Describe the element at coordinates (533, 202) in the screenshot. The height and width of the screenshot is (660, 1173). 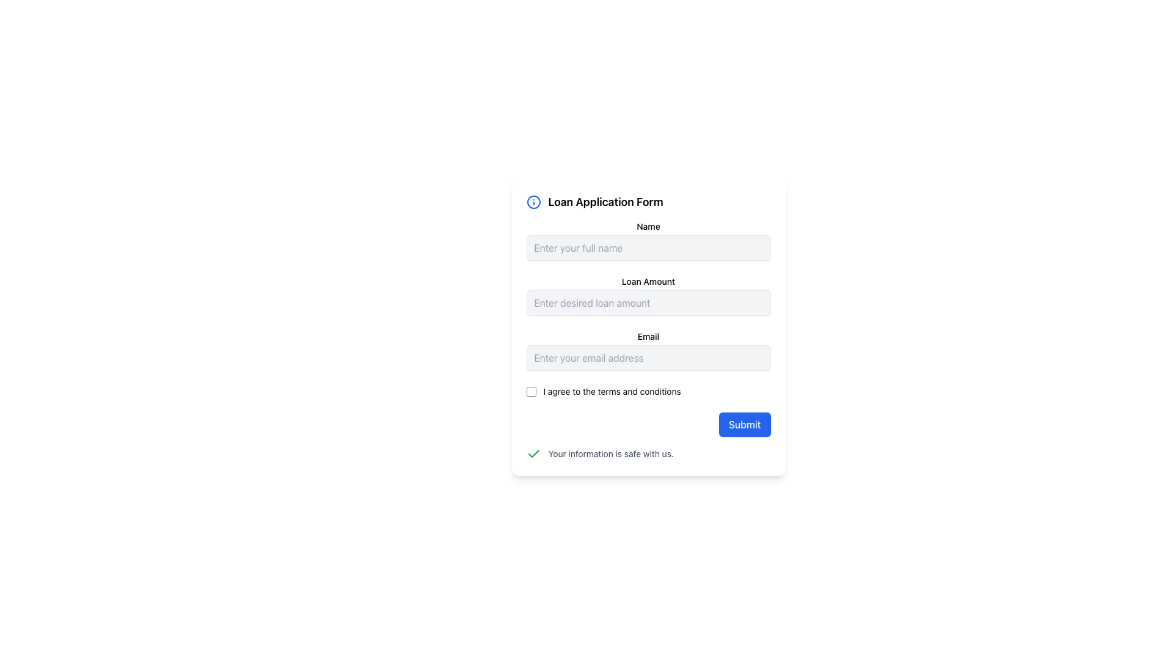
I see `the outermost circular shape of the information icon located to the immediate left of the header text 'Loan Application Form'` at that location.